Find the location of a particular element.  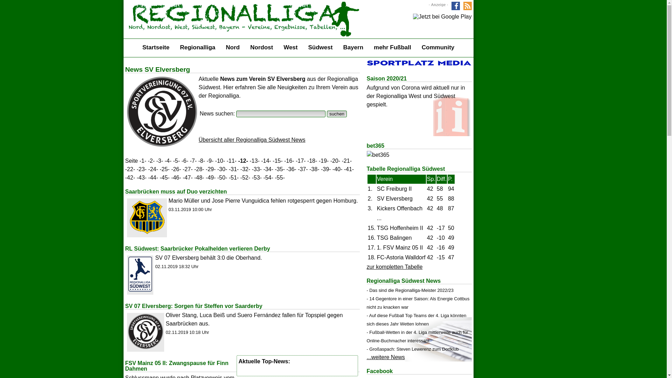

'-35-' is located at coordinates (279, 169).